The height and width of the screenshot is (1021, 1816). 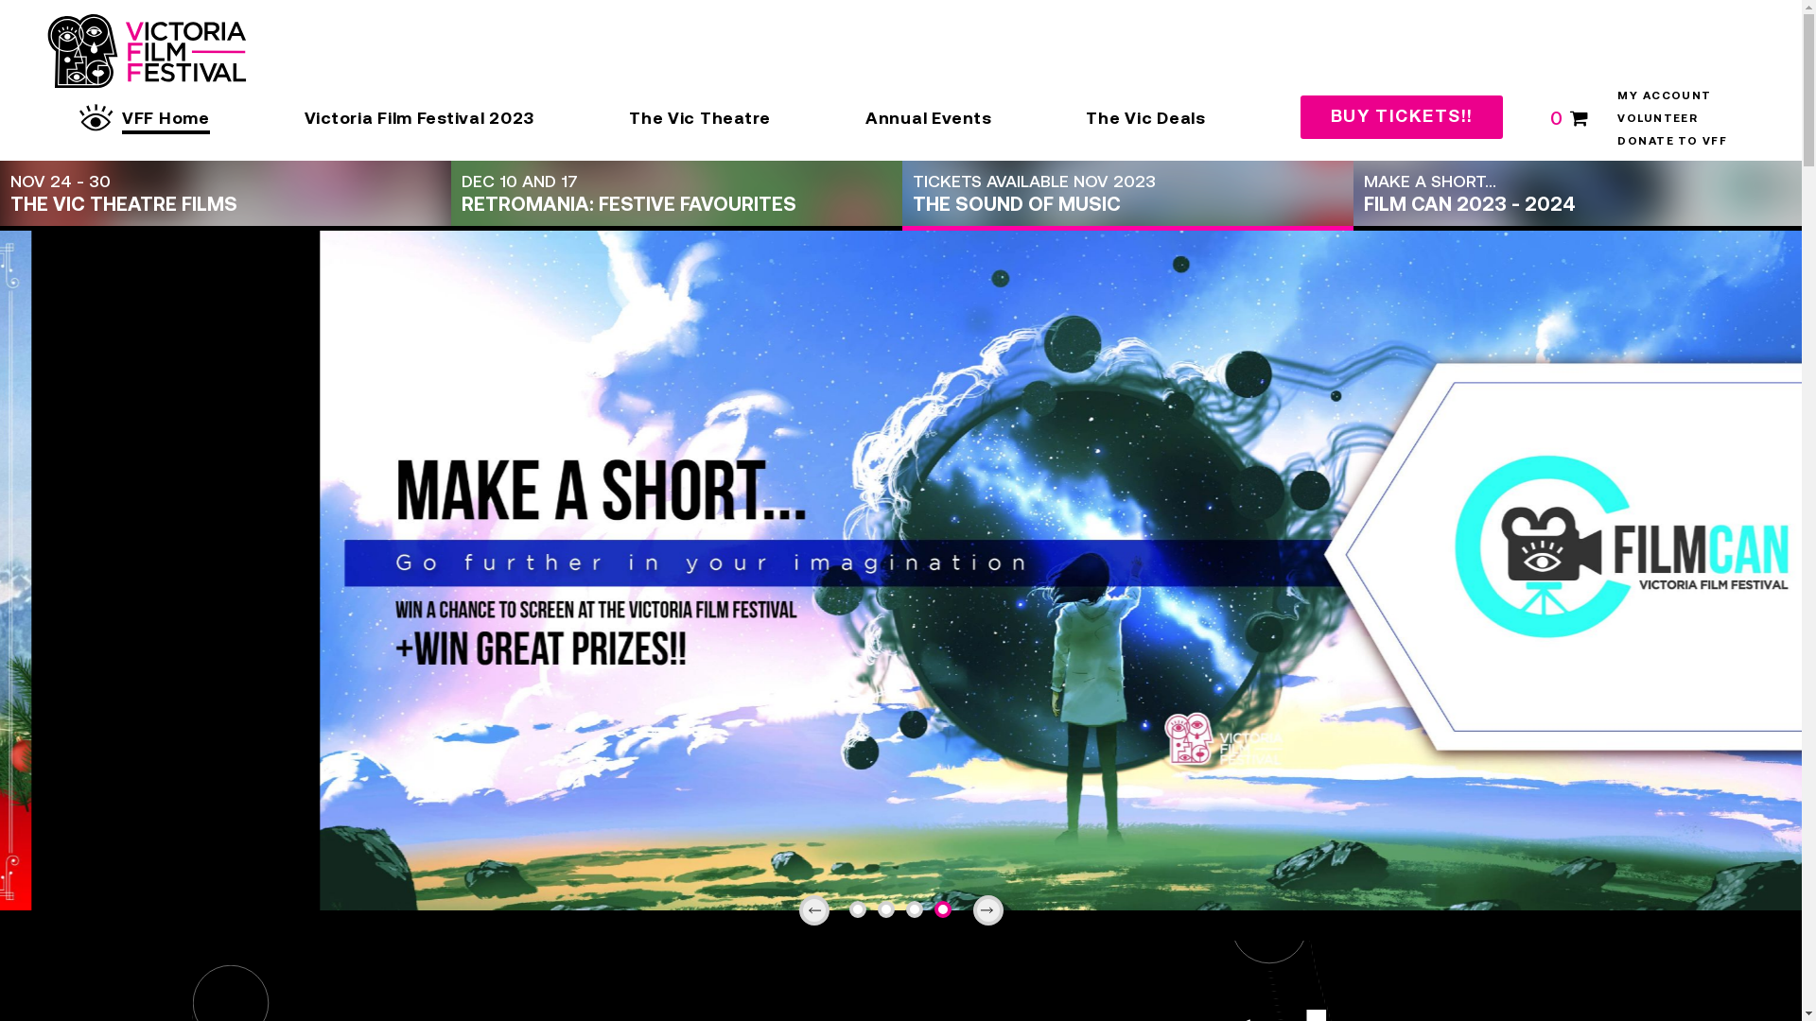 I want to click on 'Annual Events', so click(x=928, y=116).